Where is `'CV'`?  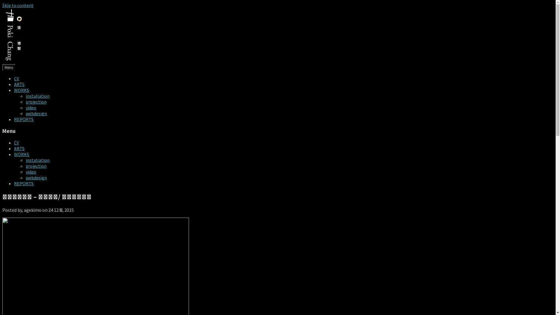 'CV' is located at coordinates (16, 143).